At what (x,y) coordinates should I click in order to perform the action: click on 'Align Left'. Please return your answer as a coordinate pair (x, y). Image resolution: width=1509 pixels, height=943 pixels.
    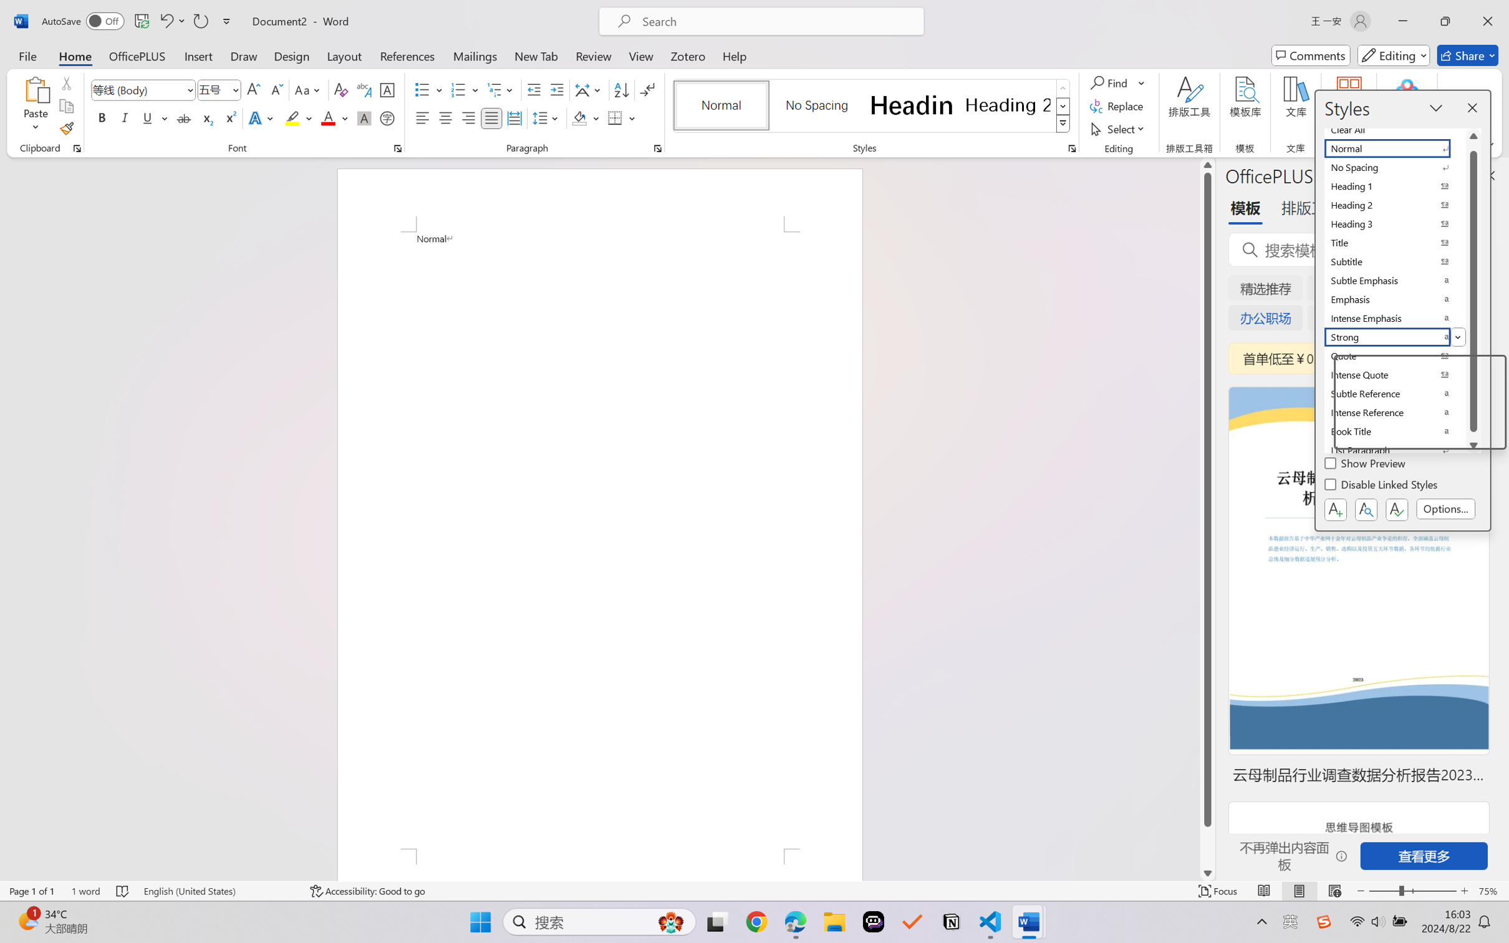
    Looking at the image, I should click on (422, 117).